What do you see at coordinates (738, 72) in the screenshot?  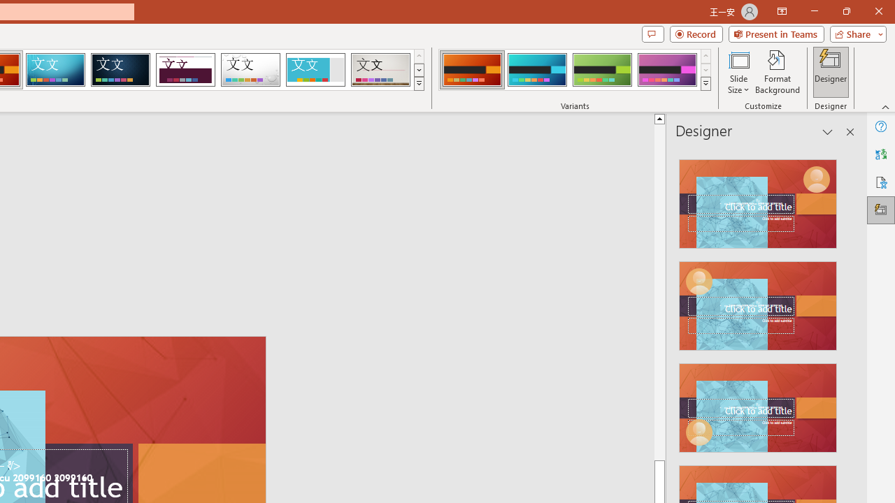 I see `'Slide Size'` at bounding box center [738, 72].